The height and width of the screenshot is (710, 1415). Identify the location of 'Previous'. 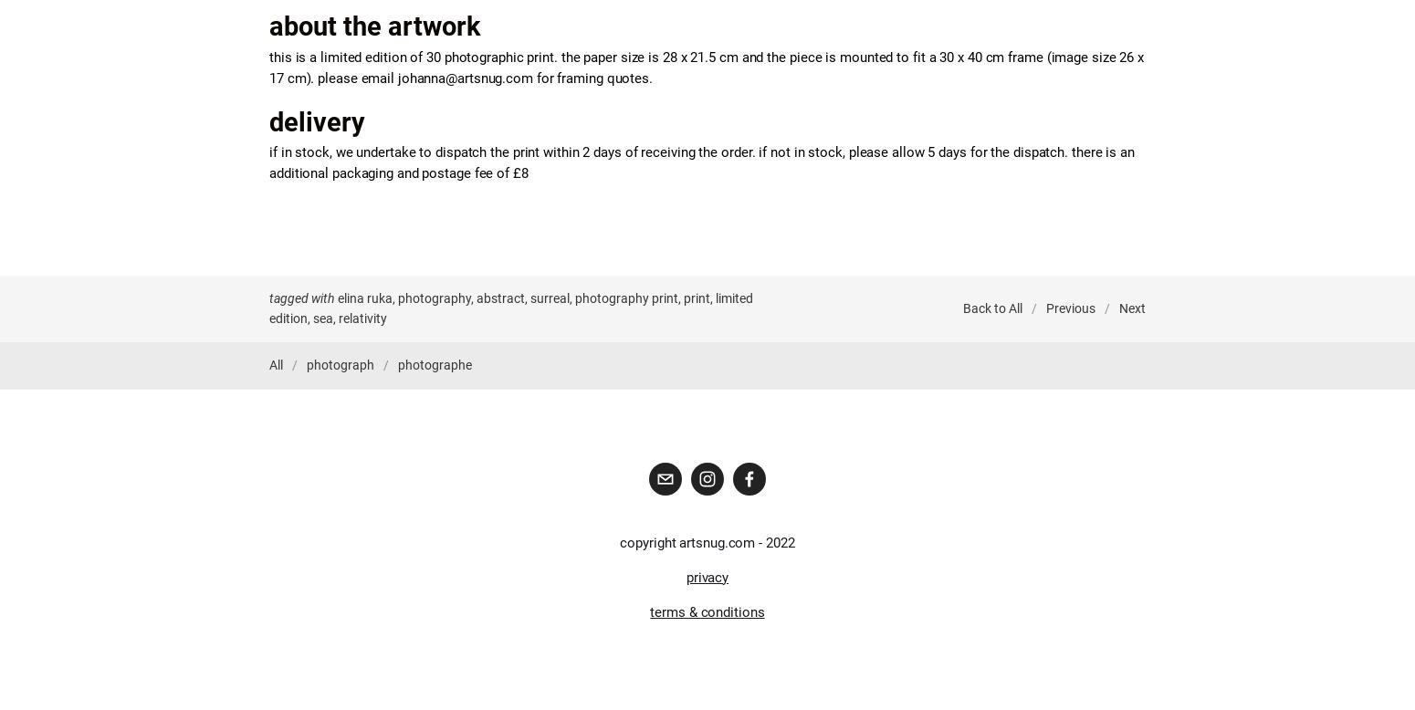
(1071, 307).